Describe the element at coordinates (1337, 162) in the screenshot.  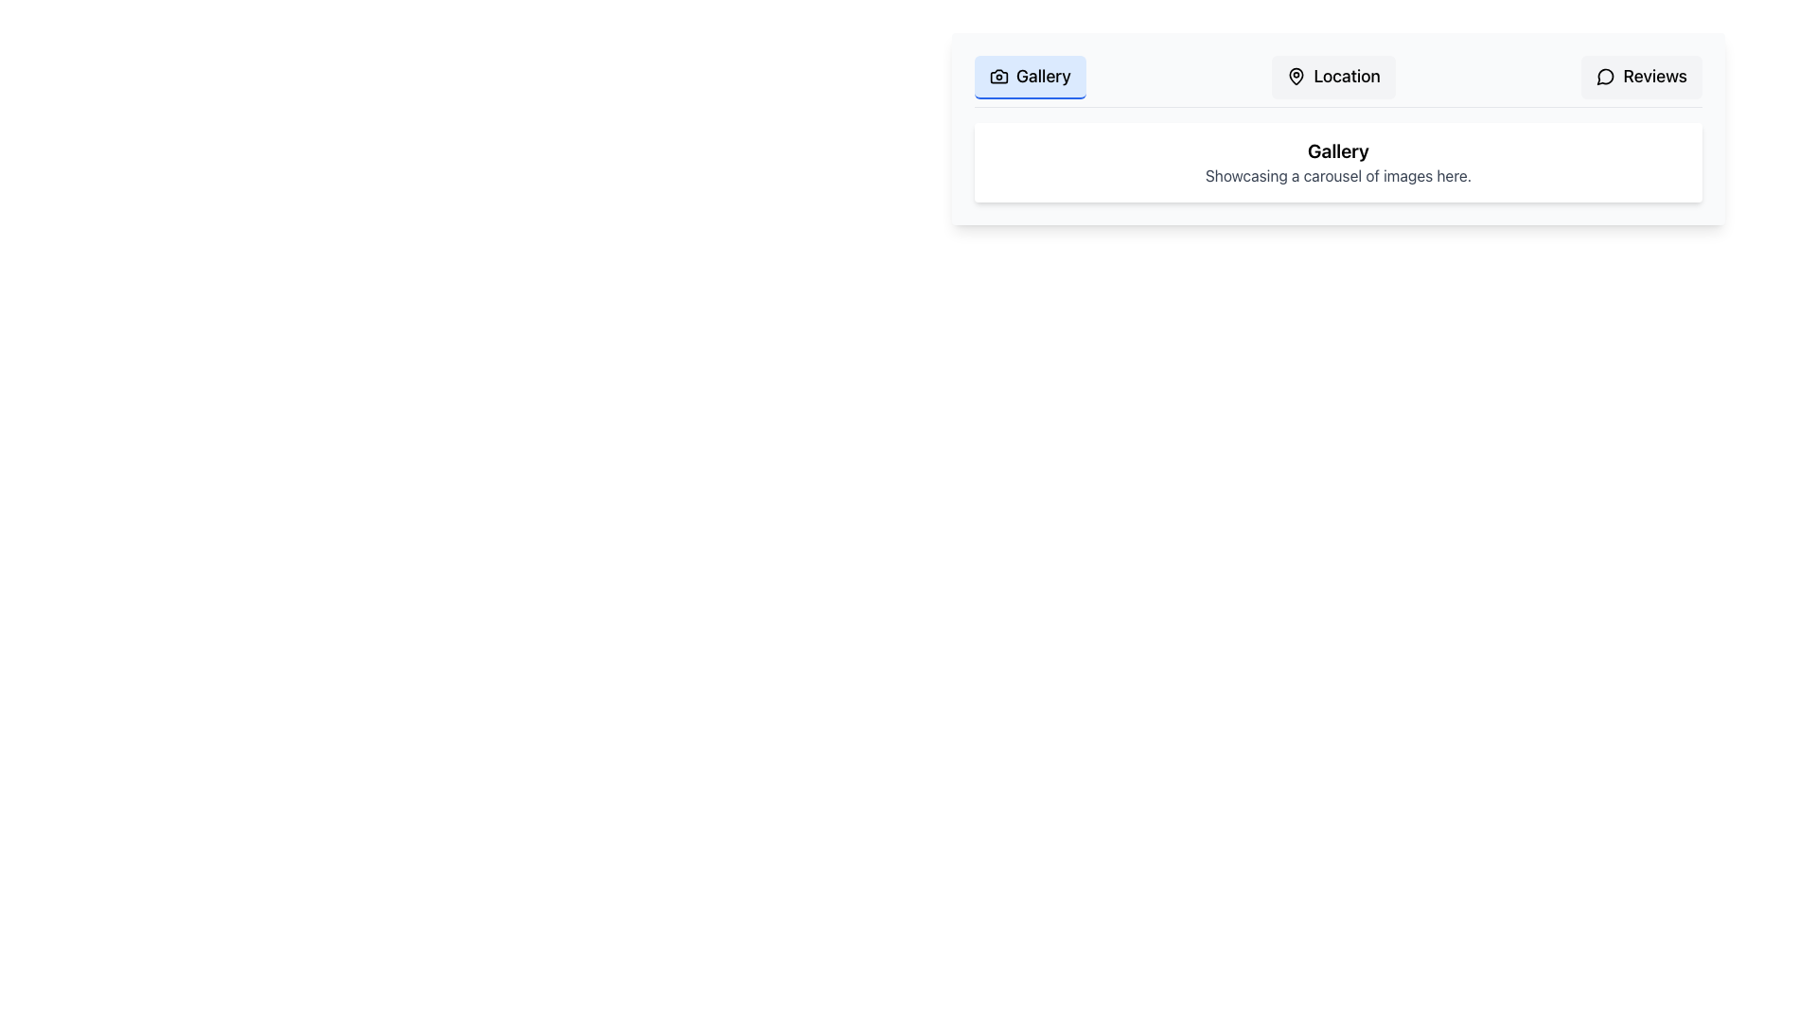
I see `the informational text block titled 'Gallery' which describes the section showcasing a carousel of images` at that location.